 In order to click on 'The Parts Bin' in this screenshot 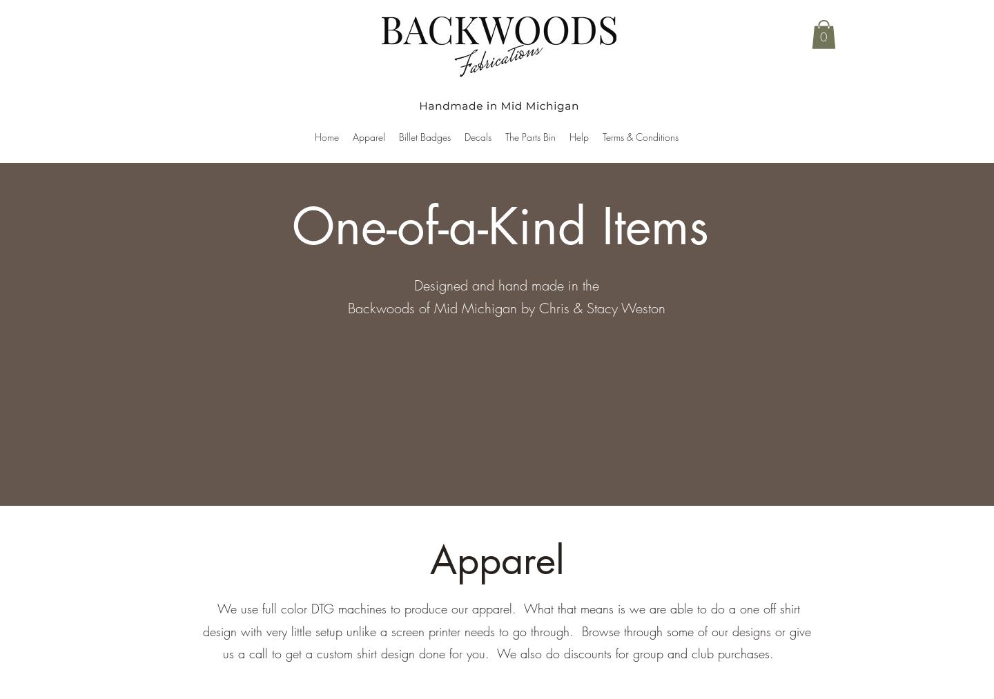, I will do `click(529, 137)`.